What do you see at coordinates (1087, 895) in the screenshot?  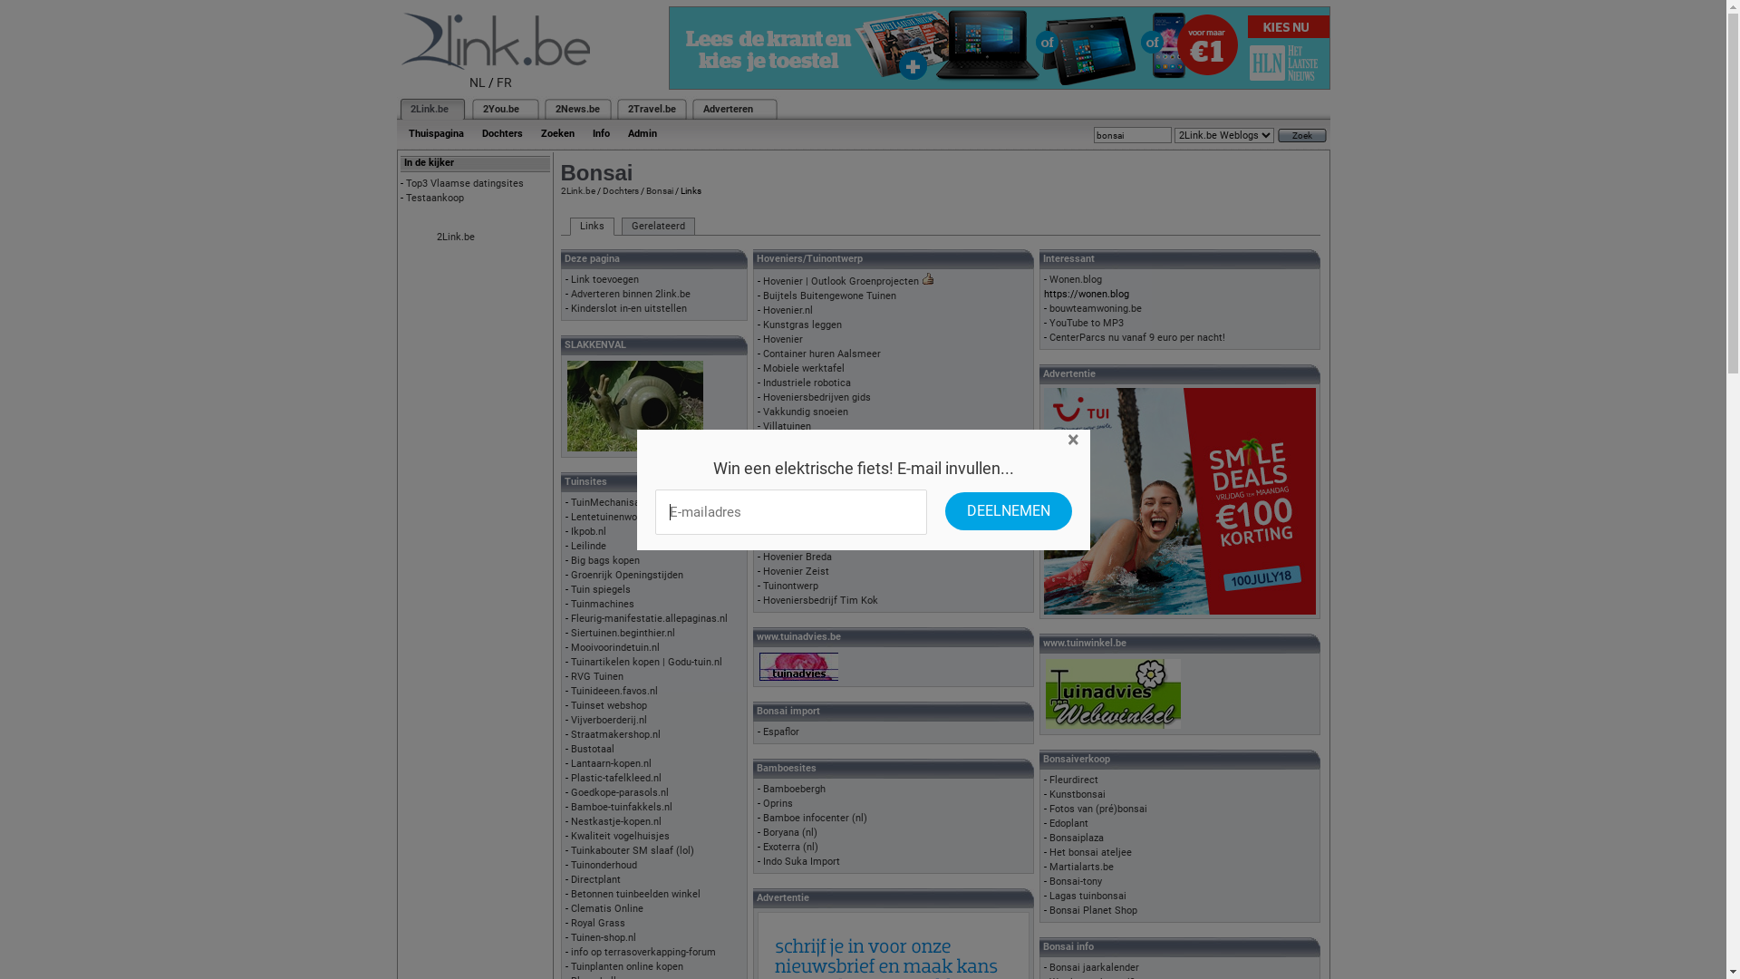 I see `'Lagas tuinbonsai'` at bounding box center [1087, 895].